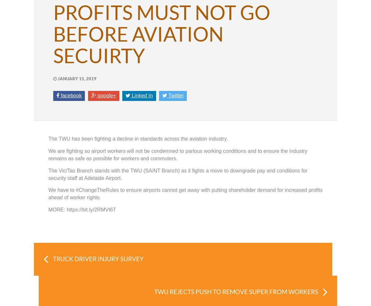 The width and height of the screenshot is (371, 306). Describe the element at coordinates (185, 193) in the screenshot. I see `'We have to #ChangeTheRules to ensure airports cannot get away with putting shareholder demand for increased profits ahead of worker rights.'` at that location.